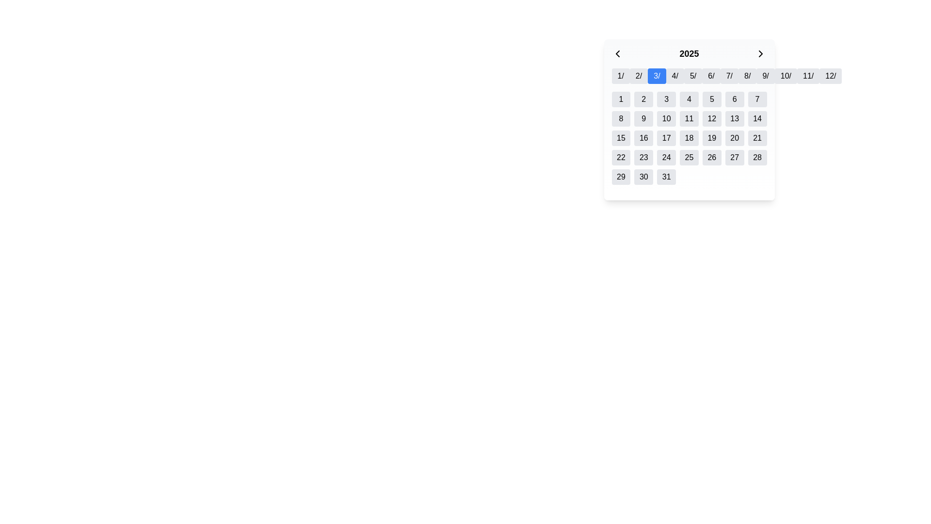 The height and width of the screenshot is (524, 931). I want to click on the button containing the number '25' in black text on a light gray background, so click(689, 157).